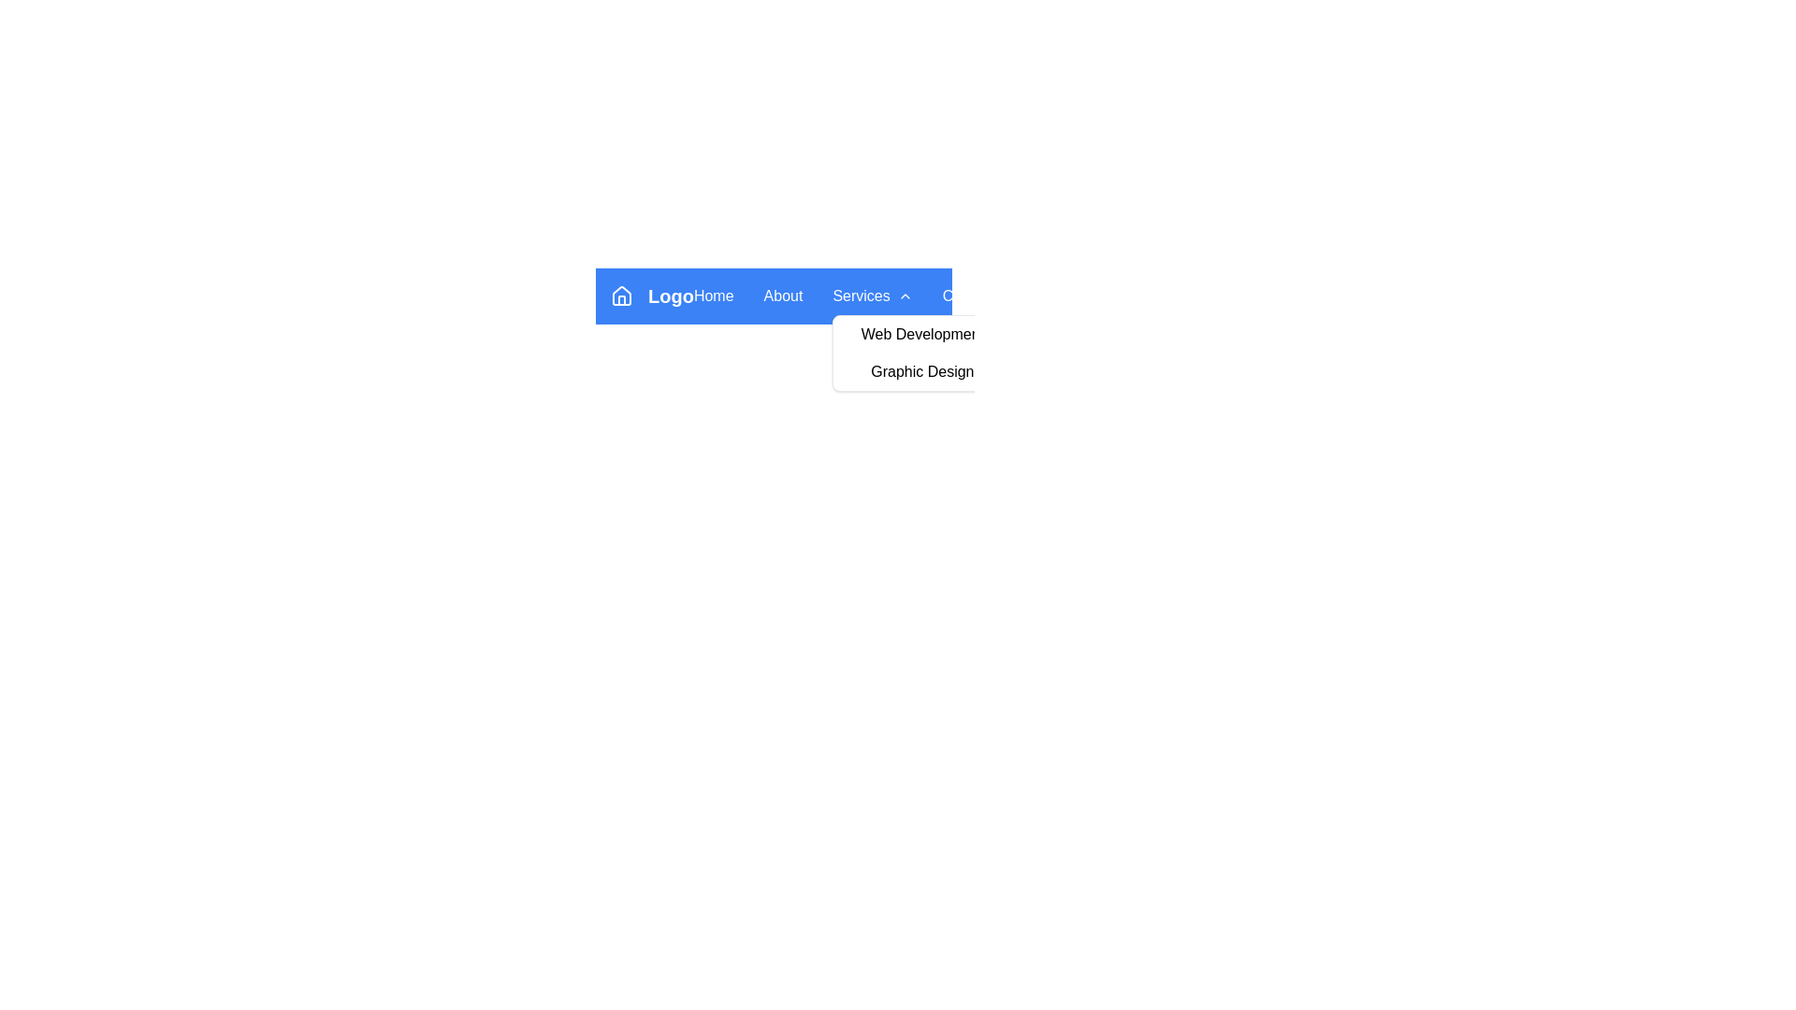  Describe the element at coordinates (671, 295) in the screenshot. I see `the bold and large 'Logo' text label displayed in white on a blue background` at that location.